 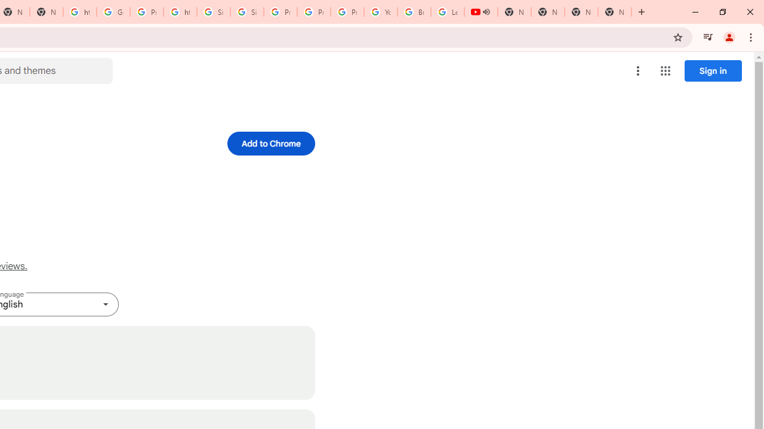 I want to click on 'Sign in - Google Accounts', so click(x=247, y=12).